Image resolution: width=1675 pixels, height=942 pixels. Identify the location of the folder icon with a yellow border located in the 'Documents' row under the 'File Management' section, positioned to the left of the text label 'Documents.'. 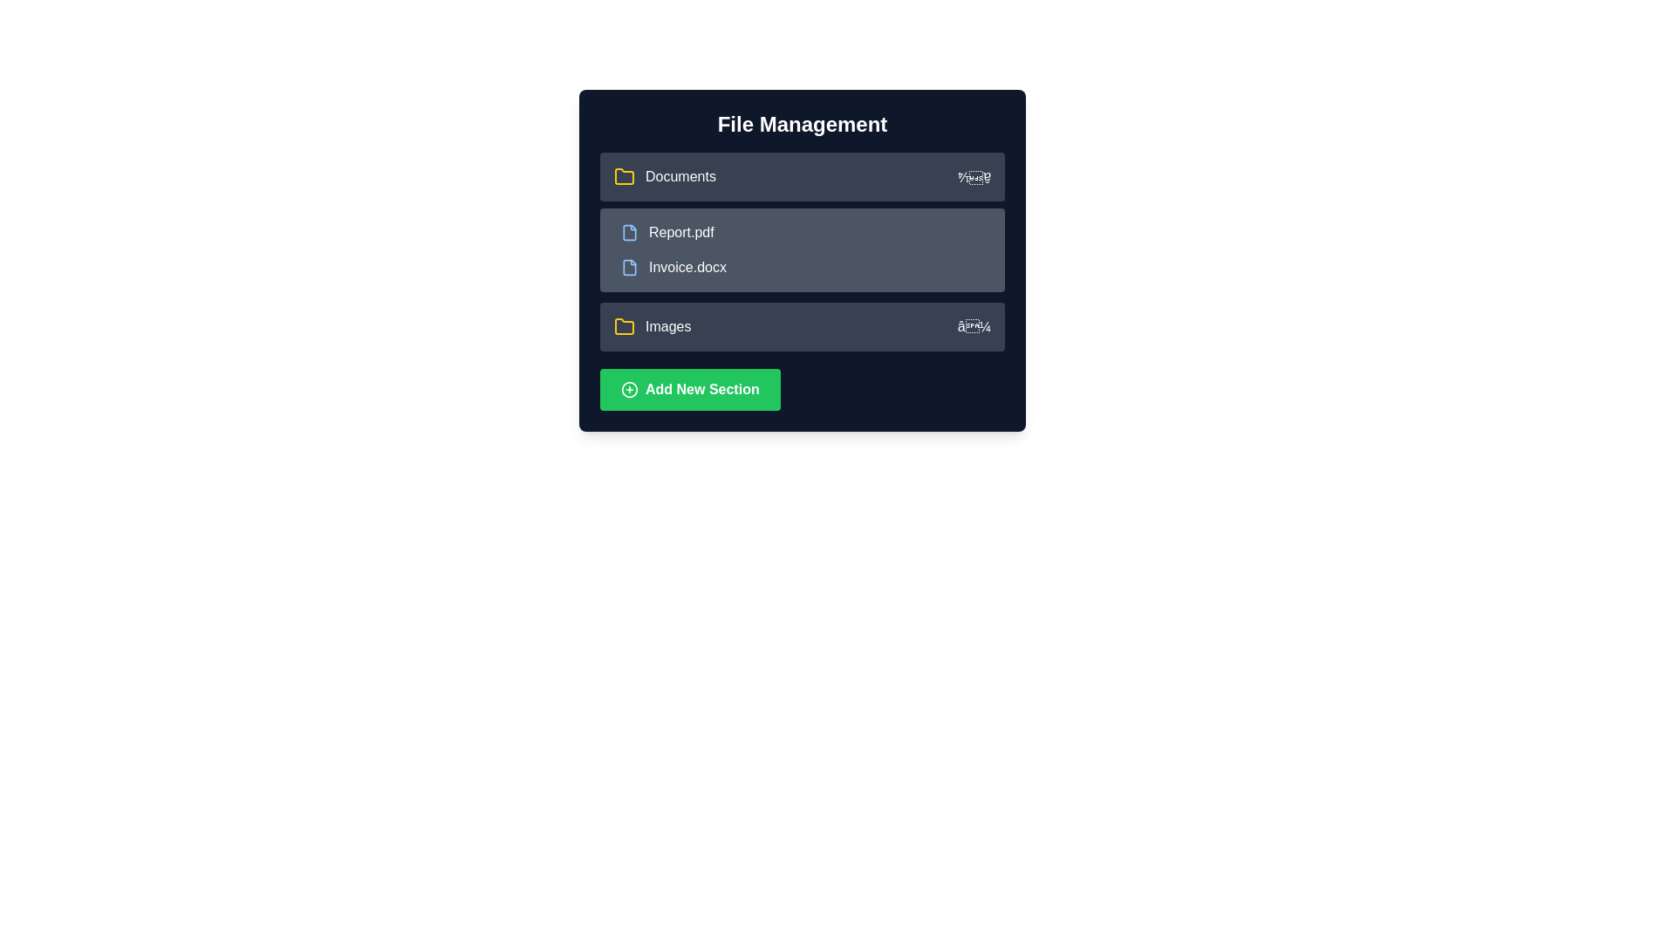
(624, 176).